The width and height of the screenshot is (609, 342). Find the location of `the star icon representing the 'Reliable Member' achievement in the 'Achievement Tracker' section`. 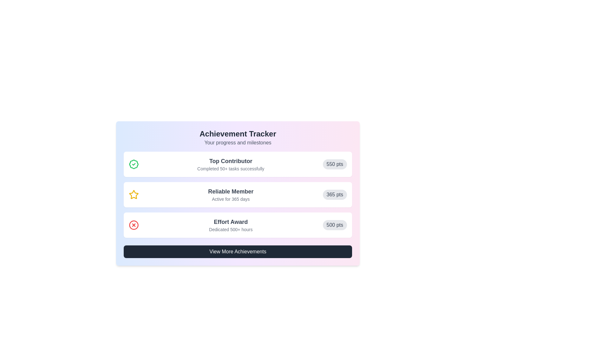

the star icon representing the 'Reliable Member' achievement in the 'Achievement Tracker' section is located at coordinates (134, 194).